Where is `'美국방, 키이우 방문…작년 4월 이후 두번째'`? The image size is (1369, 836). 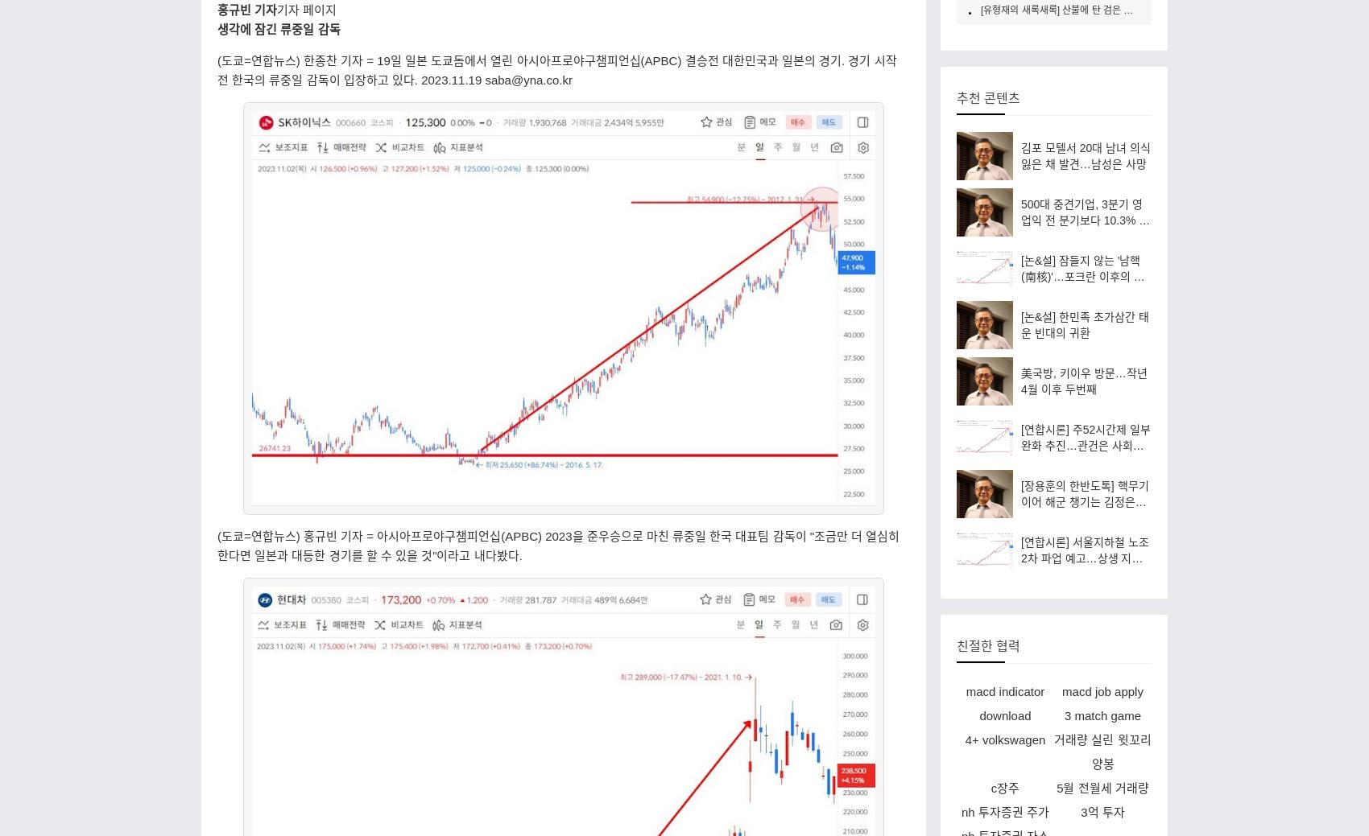
'美국방, 키이우 방문…작년 4월 이후 두번째' is located at coordinates (1084, 379).